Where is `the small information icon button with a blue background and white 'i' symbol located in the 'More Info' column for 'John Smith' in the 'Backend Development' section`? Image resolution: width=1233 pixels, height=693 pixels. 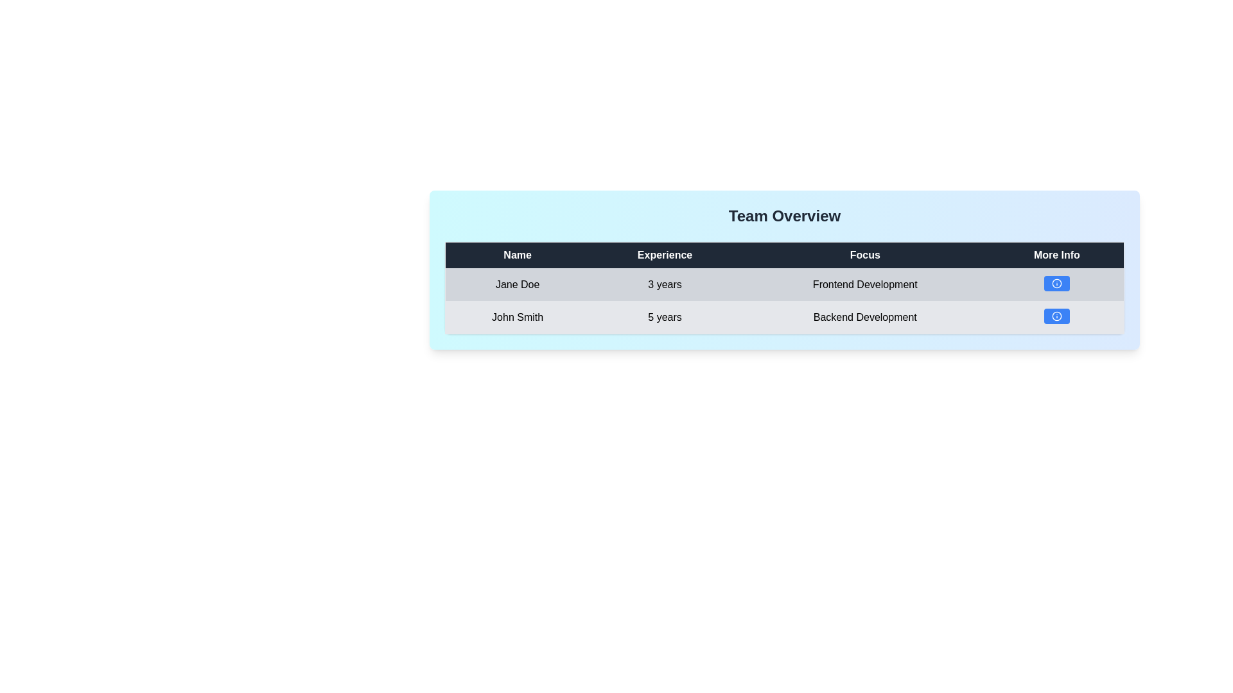 the small information icon button with a blue background and white 'i' symbol located in the 'More Info' column for 'John Smith' in the 'Backend Development' section is located at coordinates (1056, 316).